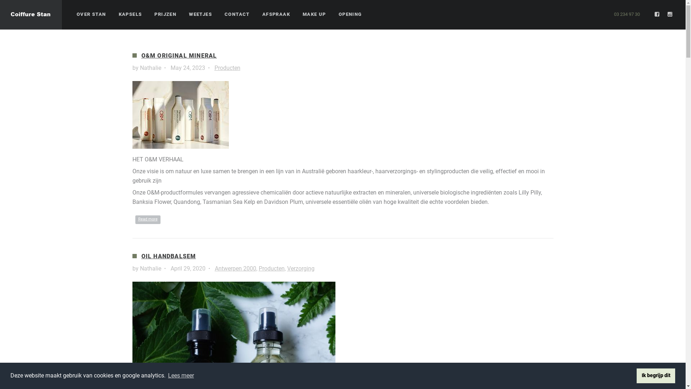  Describe the element at coordinates (0, 15) in the screenshot. I see `'Home'` at that location.